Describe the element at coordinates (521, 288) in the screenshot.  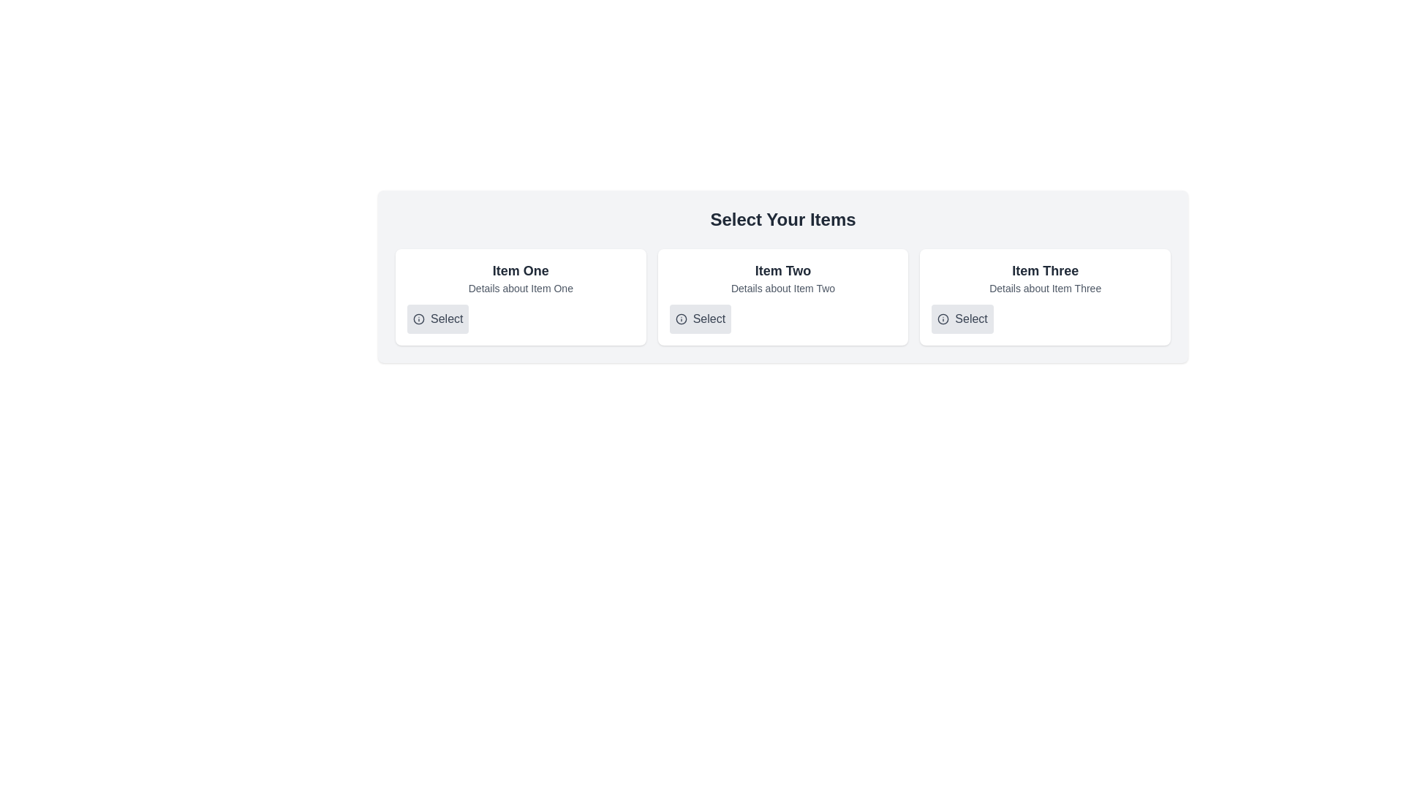
I see `the text label displaying 'Details about Item One', which is positioned below the title 'Item One' in the first card under the header 'Select Your Items'` at that location.